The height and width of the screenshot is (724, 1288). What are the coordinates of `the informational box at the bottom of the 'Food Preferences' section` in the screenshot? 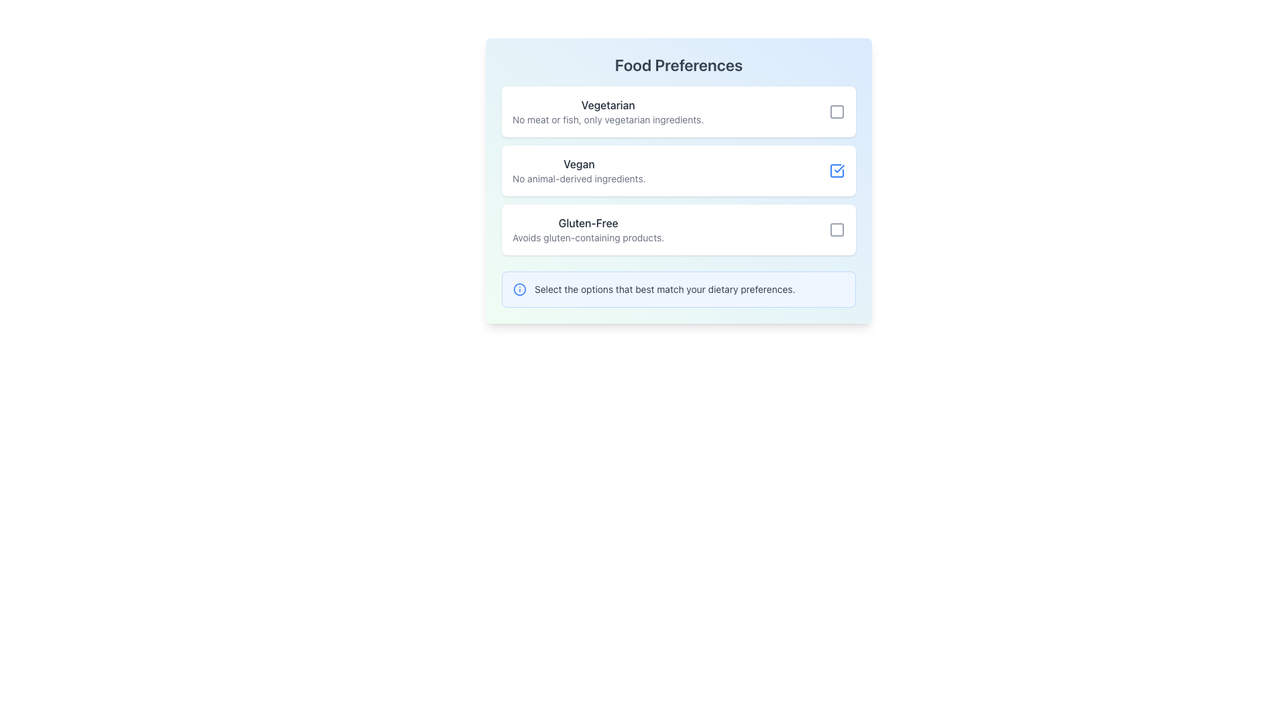 It's located at (679, 289).